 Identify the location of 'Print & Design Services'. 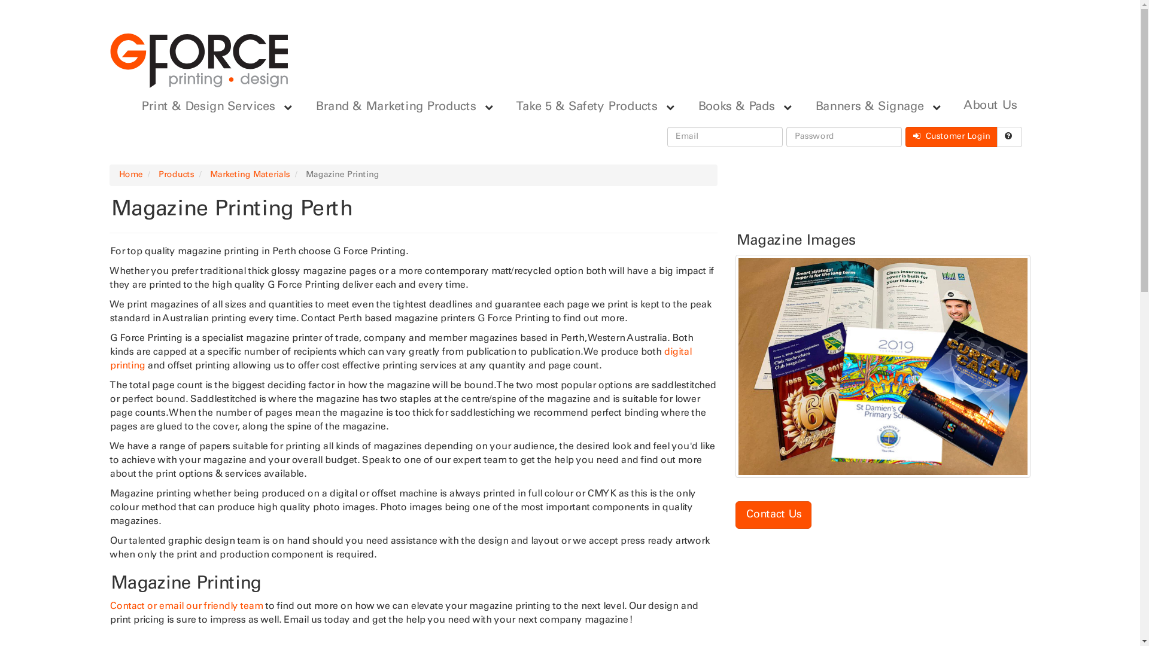
(205, 106).